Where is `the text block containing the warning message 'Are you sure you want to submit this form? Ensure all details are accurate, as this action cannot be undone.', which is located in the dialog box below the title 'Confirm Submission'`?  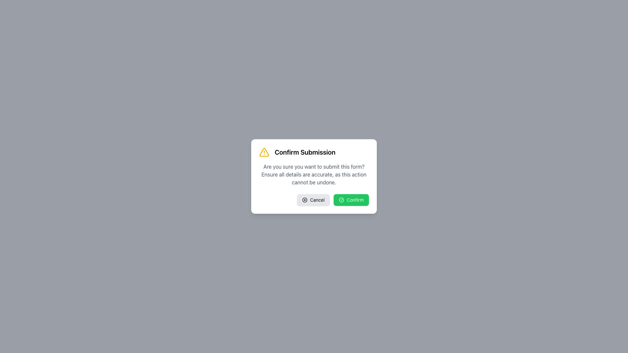 the text block containing the warning message 'Are you sure you want to submit this form? Ensure all details are accurate, as this action cannot be undone.', which is located in the dialog box below the title 'Confirm Submission' is located at coordinates (314, 174).